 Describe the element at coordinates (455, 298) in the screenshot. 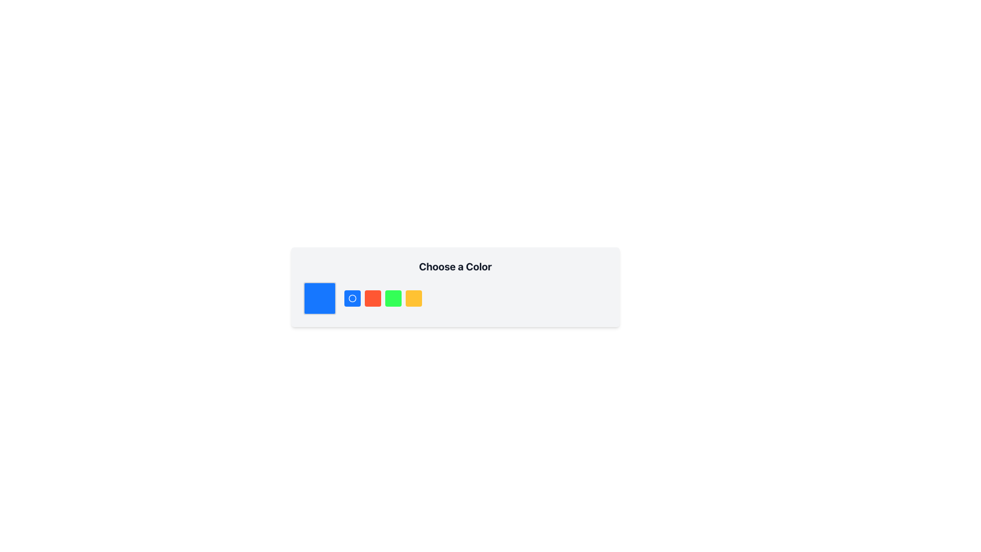

I see `the Color Selection Group containing circular color swatches for blue, red, green, and yellow` at that location.